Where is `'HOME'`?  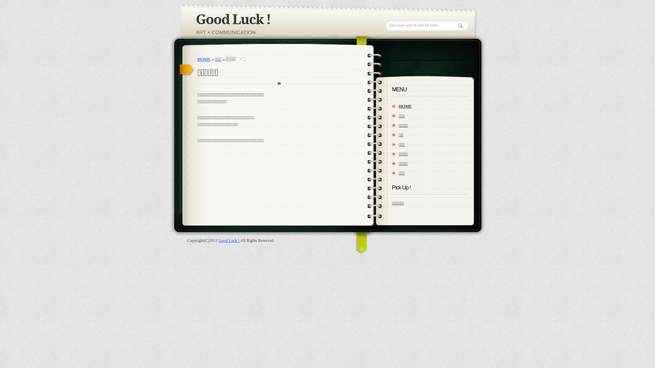 'HOME' is located at coordinates (204, 59).